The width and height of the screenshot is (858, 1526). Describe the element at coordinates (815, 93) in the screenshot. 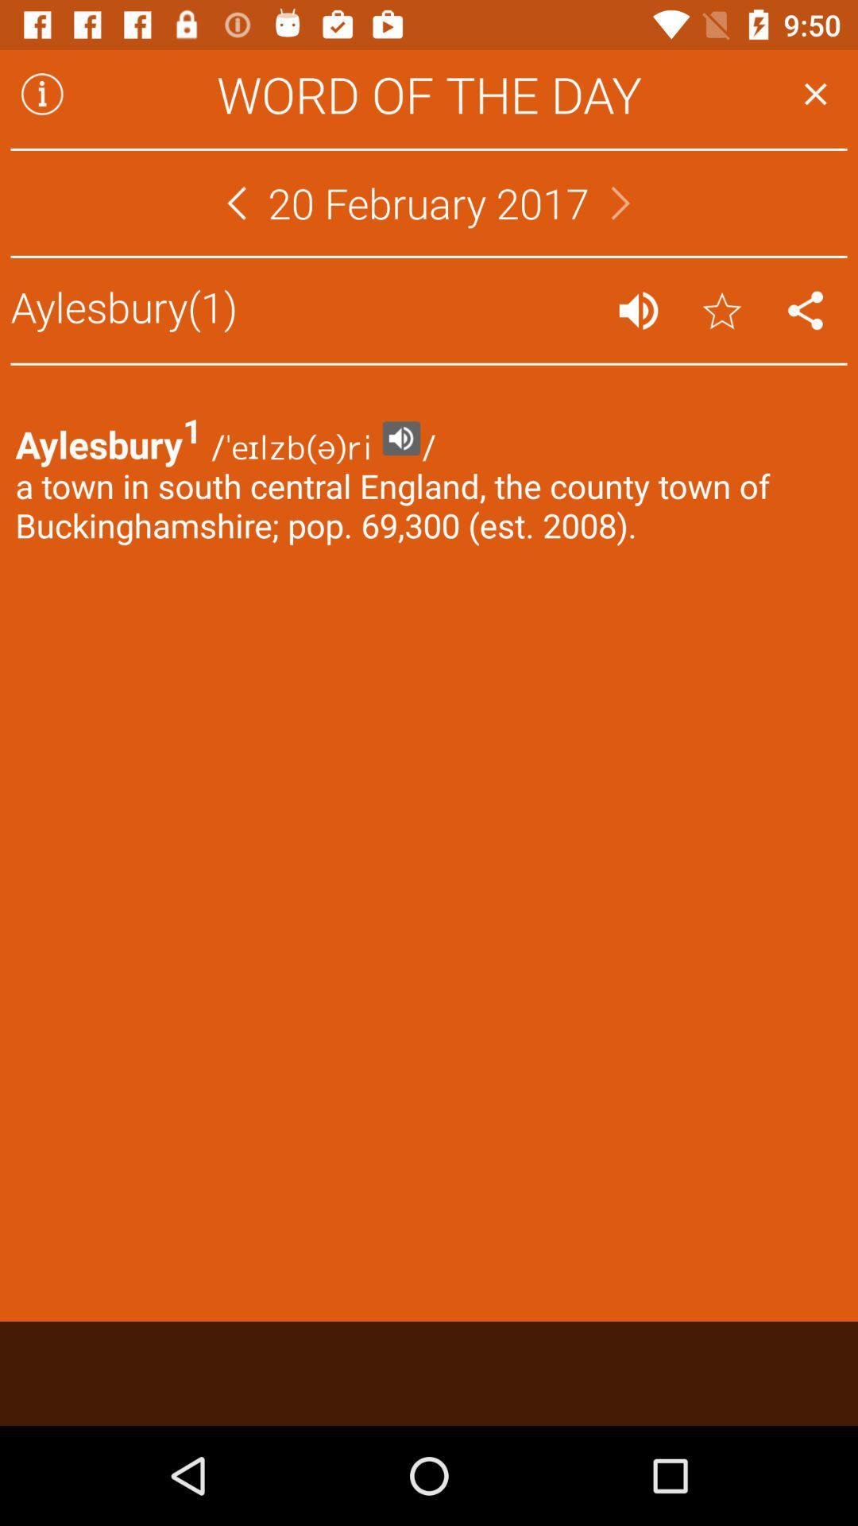

I see `item to the right of word of the` at that location.